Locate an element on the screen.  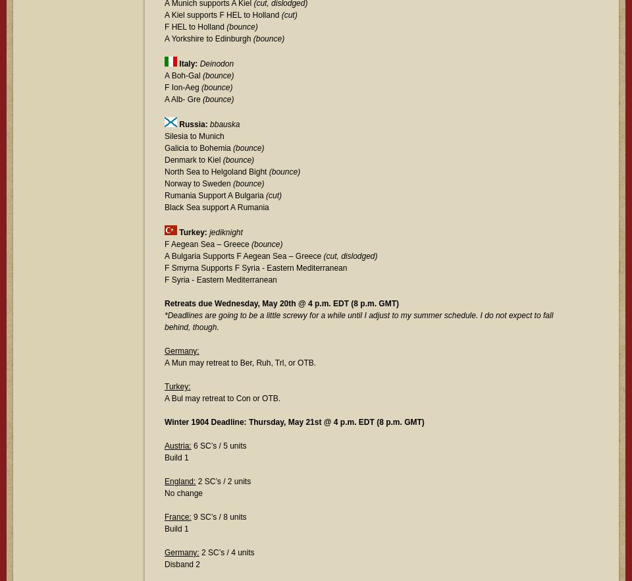
'Deinodon' is located at coordinates (199, 63).